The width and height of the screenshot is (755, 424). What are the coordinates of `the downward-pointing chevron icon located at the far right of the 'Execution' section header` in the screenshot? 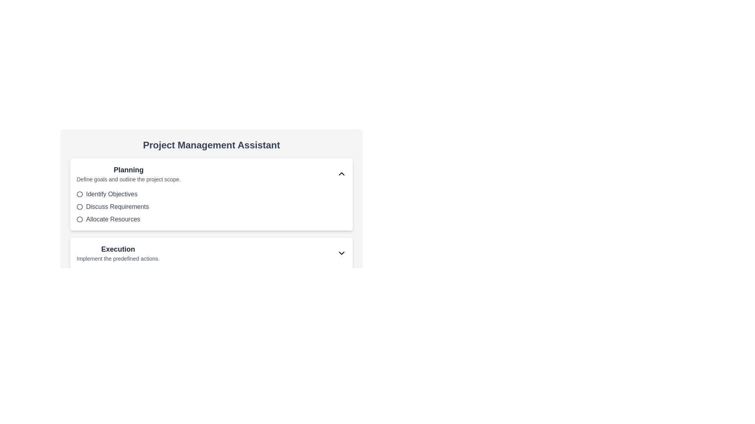 It's located at (341, 253).